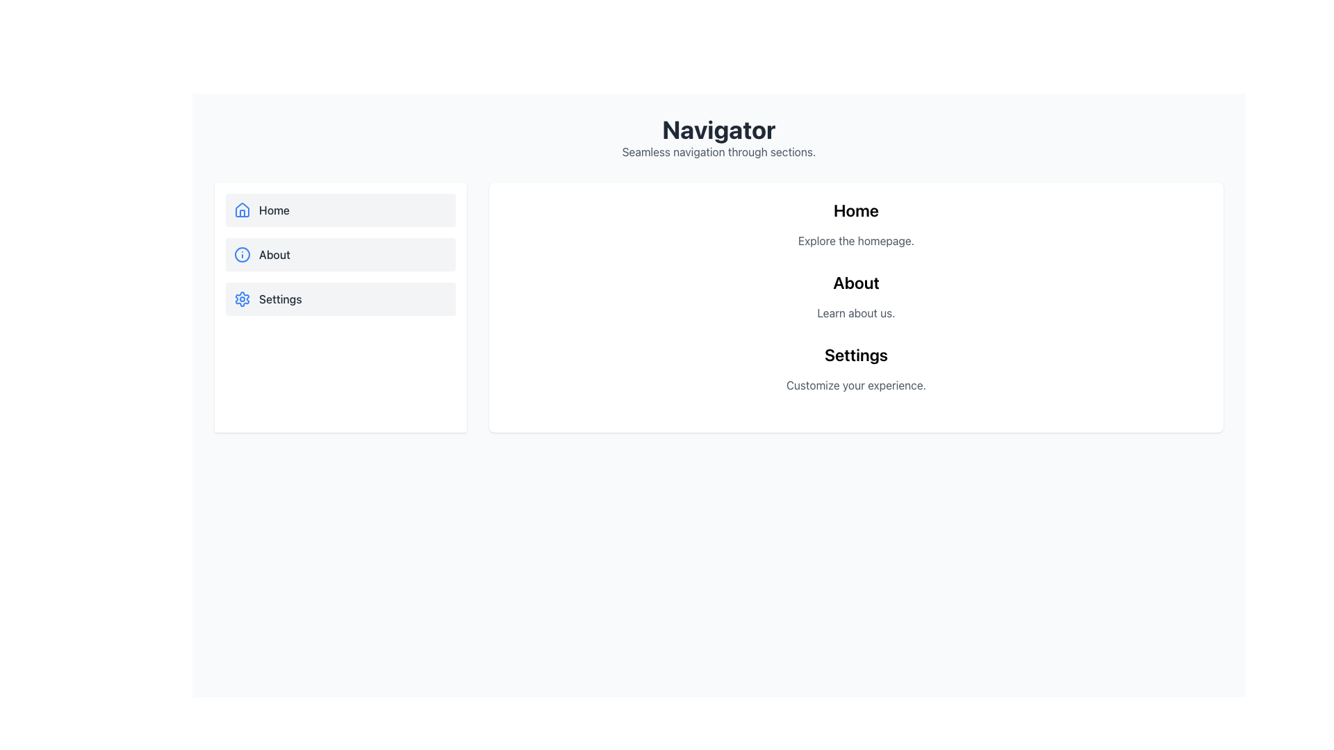  I want to click on the 'Home' button located in the left side panel, so click(340, 210).